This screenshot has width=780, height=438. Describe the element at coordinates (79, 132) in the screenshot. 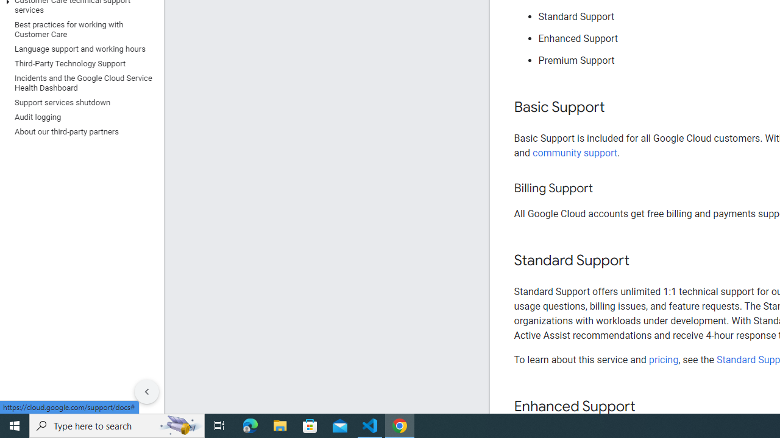

I see `'About our third-party partners'` at that location.